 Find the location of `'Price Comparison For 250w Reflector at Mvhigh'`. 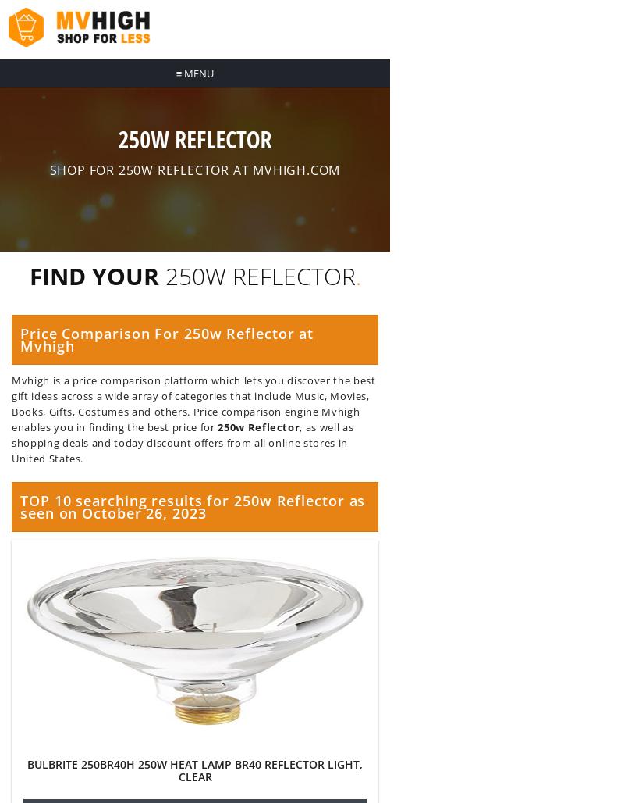

'Price Comparison For 250w Reflector at Mvhigh' is located at coordinates (165, 340).